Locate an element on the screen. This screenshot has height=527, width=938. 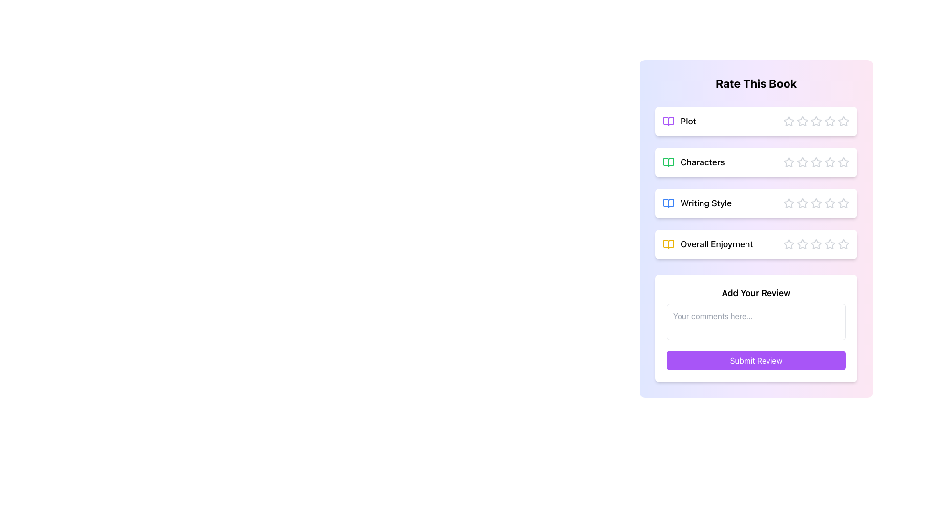
the second star icon is located at coordinates (802, 203).